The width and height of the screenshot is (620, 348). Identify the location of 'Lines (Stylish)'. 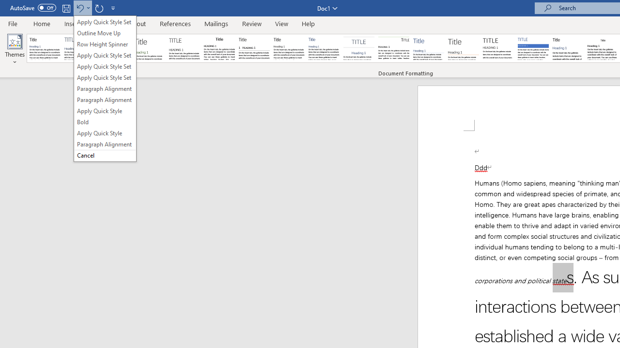
(463, 48).